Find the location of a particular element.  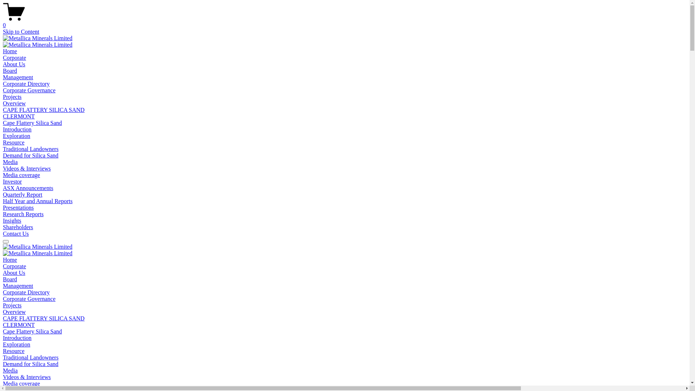

'Skip to Content' is located at coordinates (21, 31).